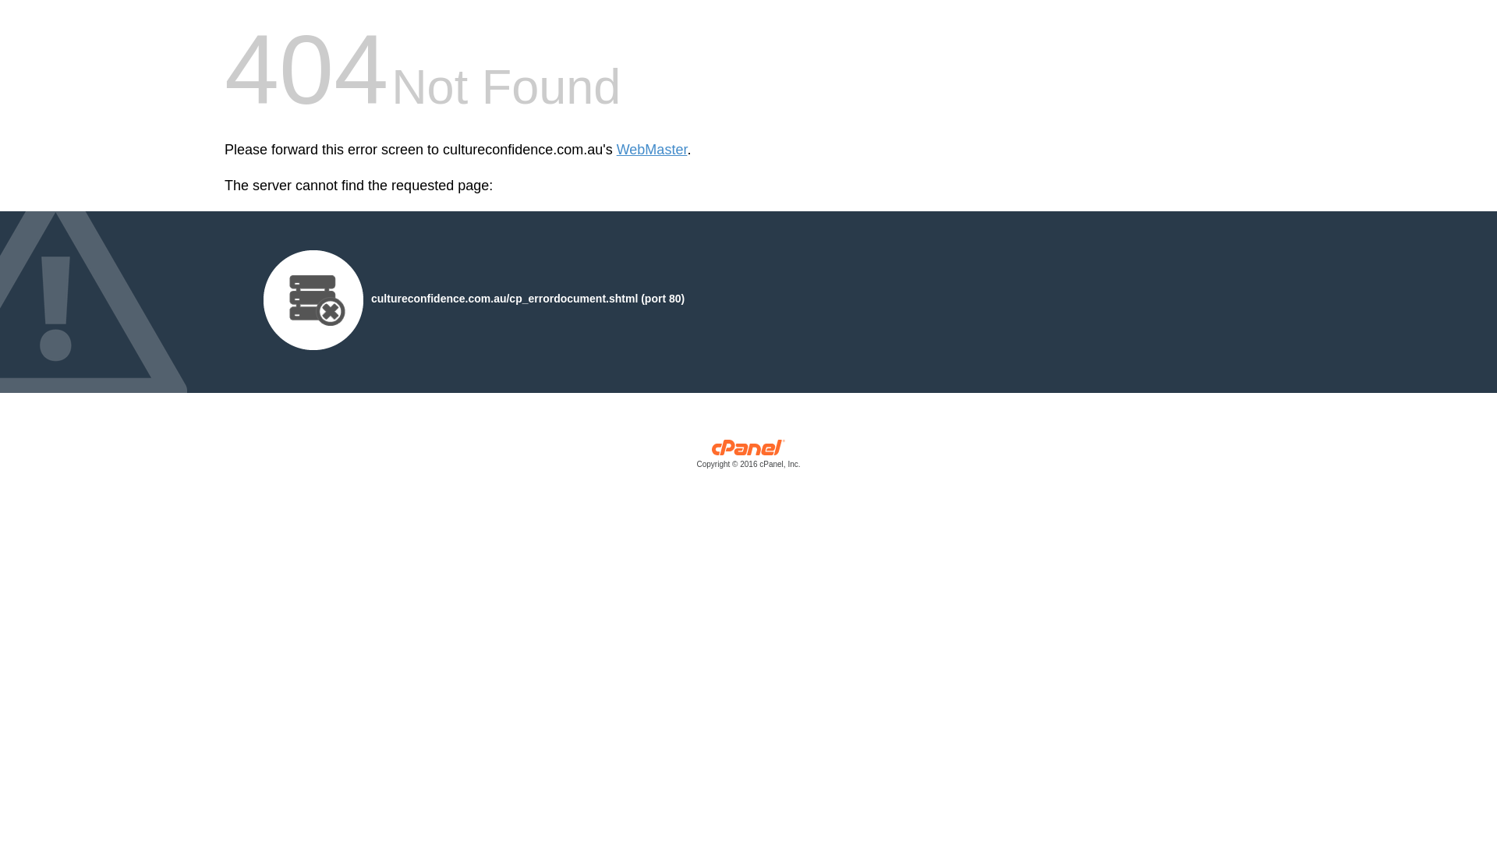 This screenshot has width=1497, height=842. Describe the element at coordinates (652, 150) in the screenshot. I see `'WebMaster'` at that location.